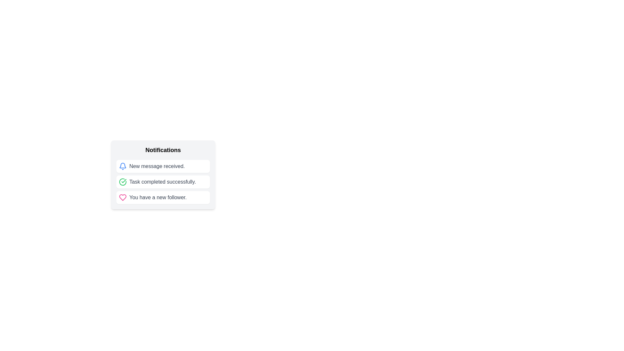  What do you see at coordinates (124, 181) in the screenshot?
I see `the second tick mark icon in the notification popup that indicates a task has been successfully completed` at bounding box center [124, 181].